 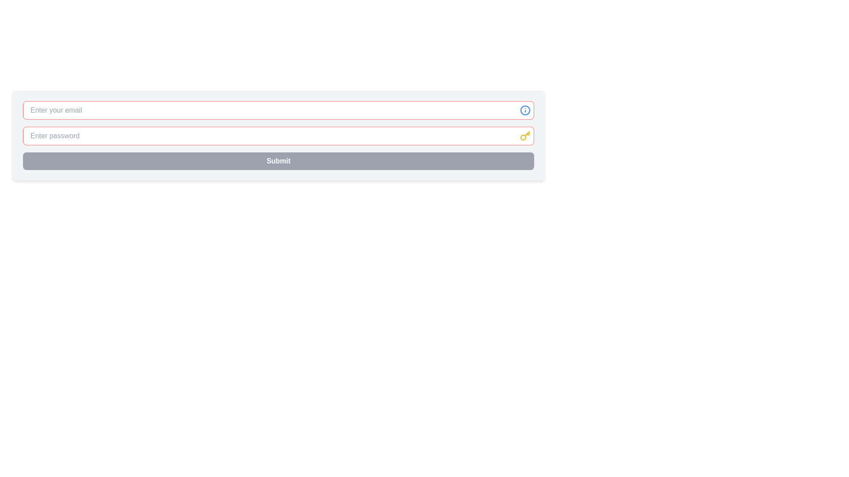 What do you see at coordinates (523, 137) in the screenshot?
I see `the Circle element inside the SVG key icon, which represents the head of the key and is associated with password security functionality` at bounding box center [523, 137].